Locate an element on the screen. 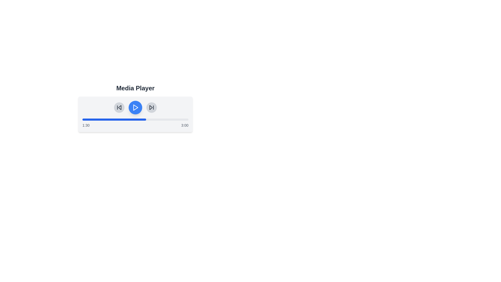 The image size is (501, 282). the circular blue button with a white triangular play icon is located at coordinates (135, 107).